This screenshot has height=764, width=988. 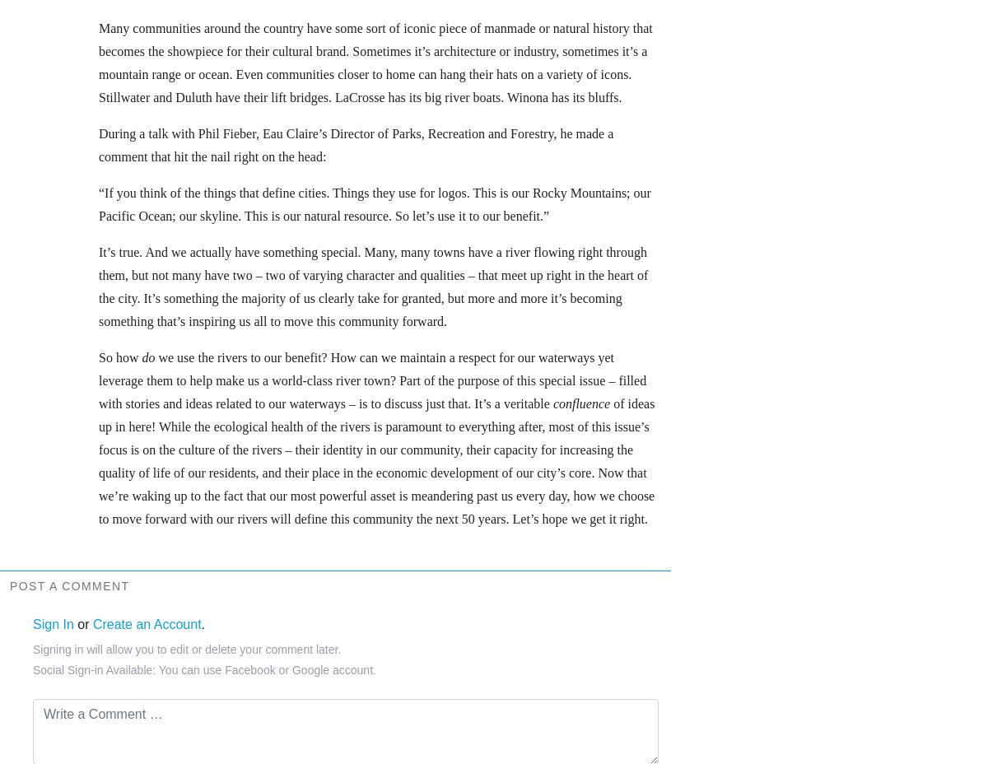 I want to click on 'Post a Comment', so click(x=69, y=585).